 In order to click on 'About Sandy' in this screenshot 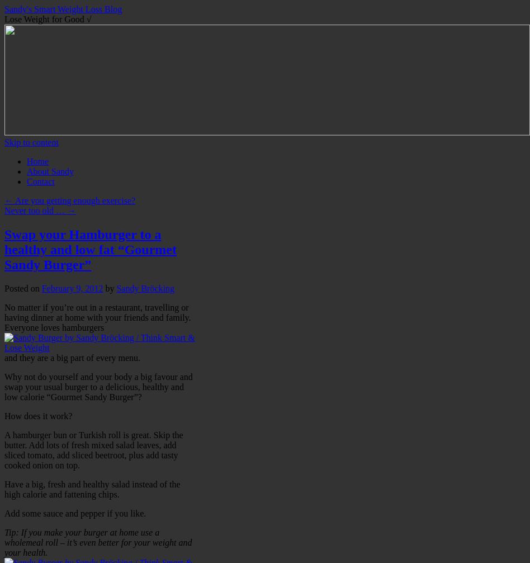, I will do `click(50, 171)`.